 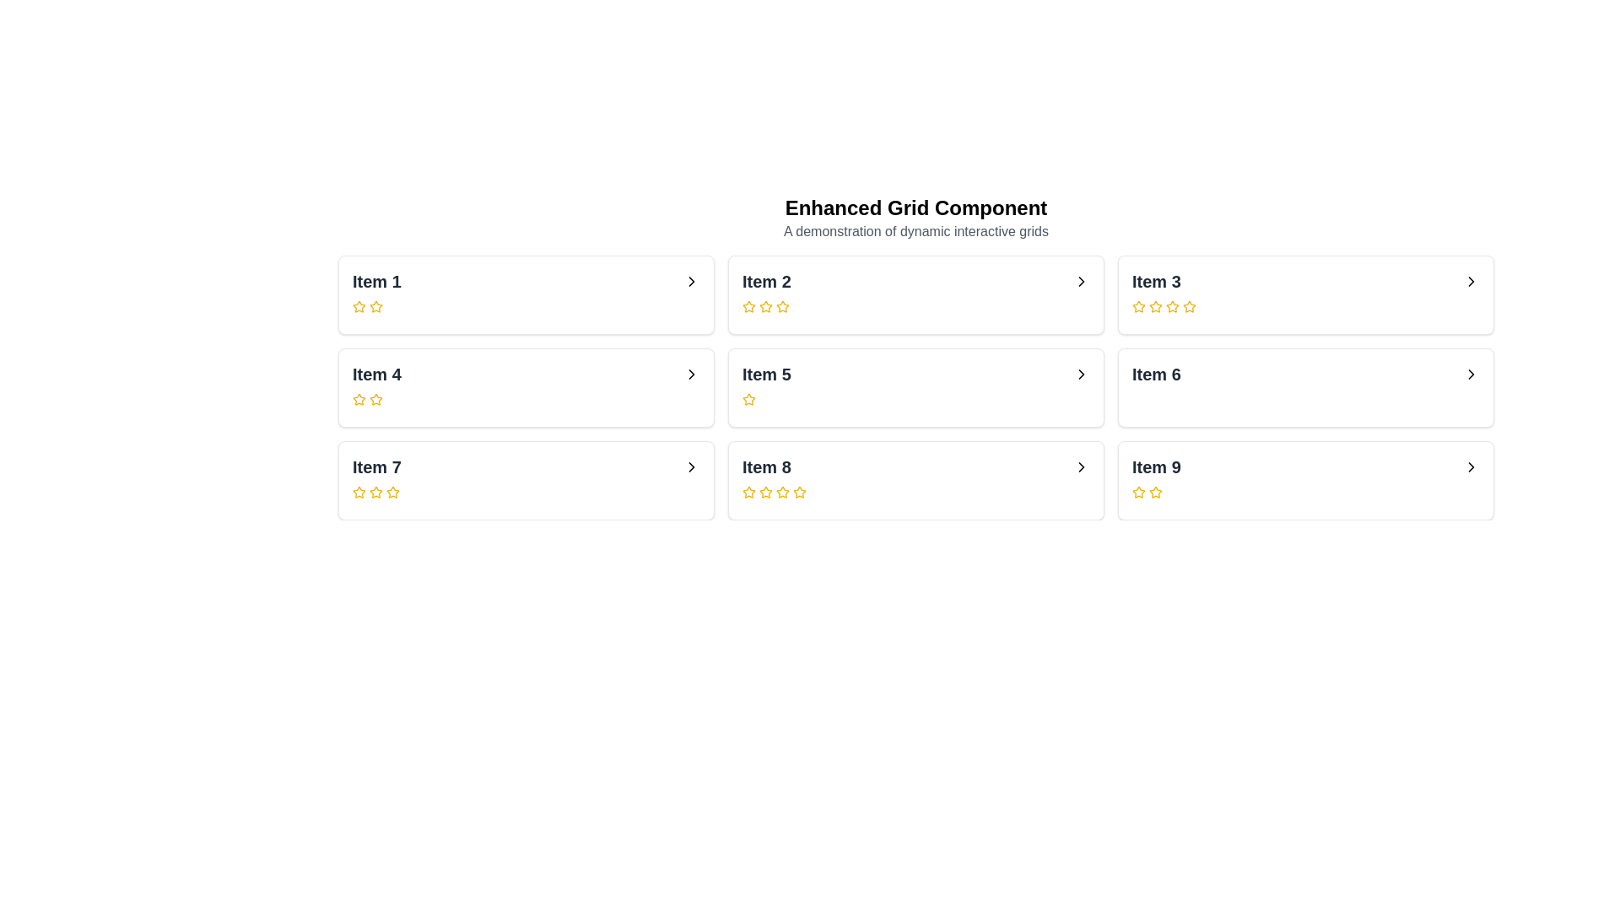 What do you see at coordinates (1153, 491) in the screenshot?
I see `the star-shaped icon with an outlined design and yellow color located in the bottom-right card labeled 'Item 9'` at bounding box center [1153, 491].